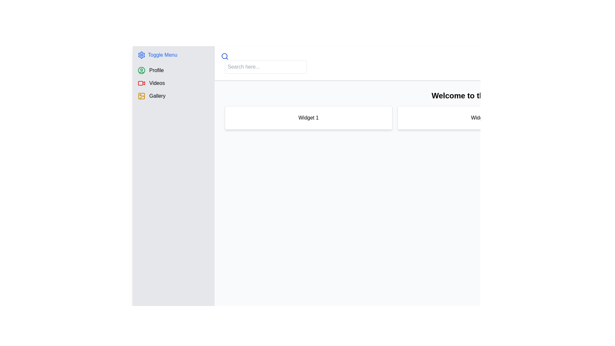 The width and height of the screenshot is (615, 346). I want to click on the toggle button located at the top of the vertical sidebar menu on the left side of the interface, so click(157, 55).